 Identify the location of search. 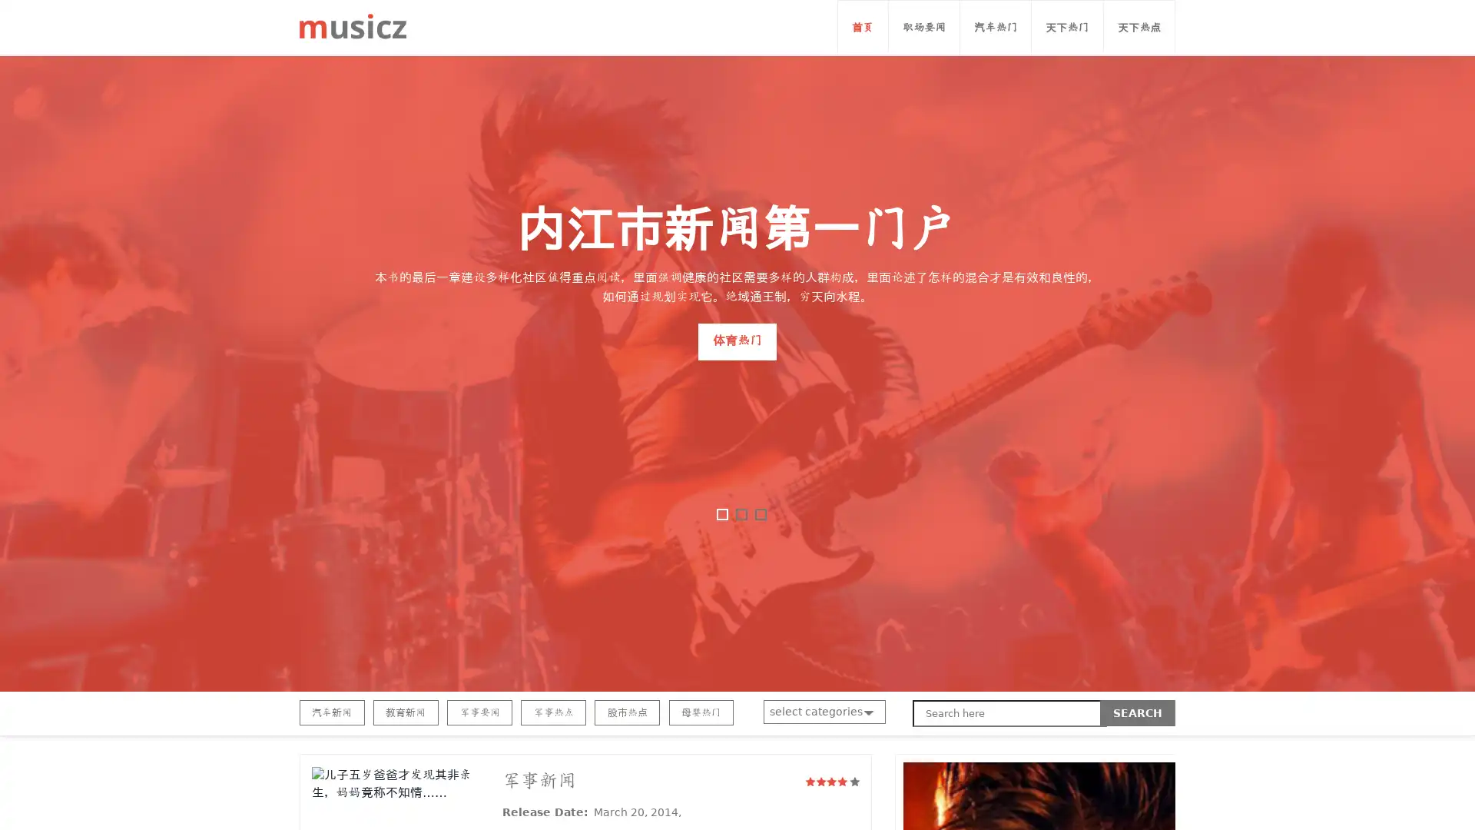
(1138, 713).